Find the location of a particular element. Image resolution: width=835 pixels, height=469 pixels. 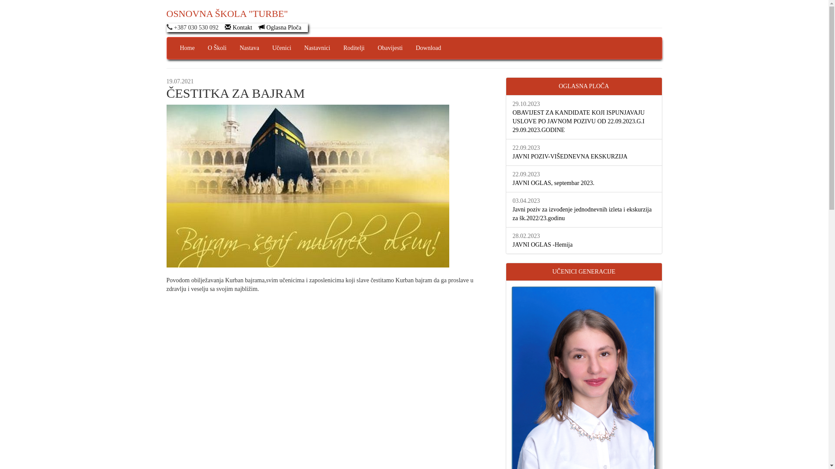

'Kontakt' is located at coordinates (238, 27).